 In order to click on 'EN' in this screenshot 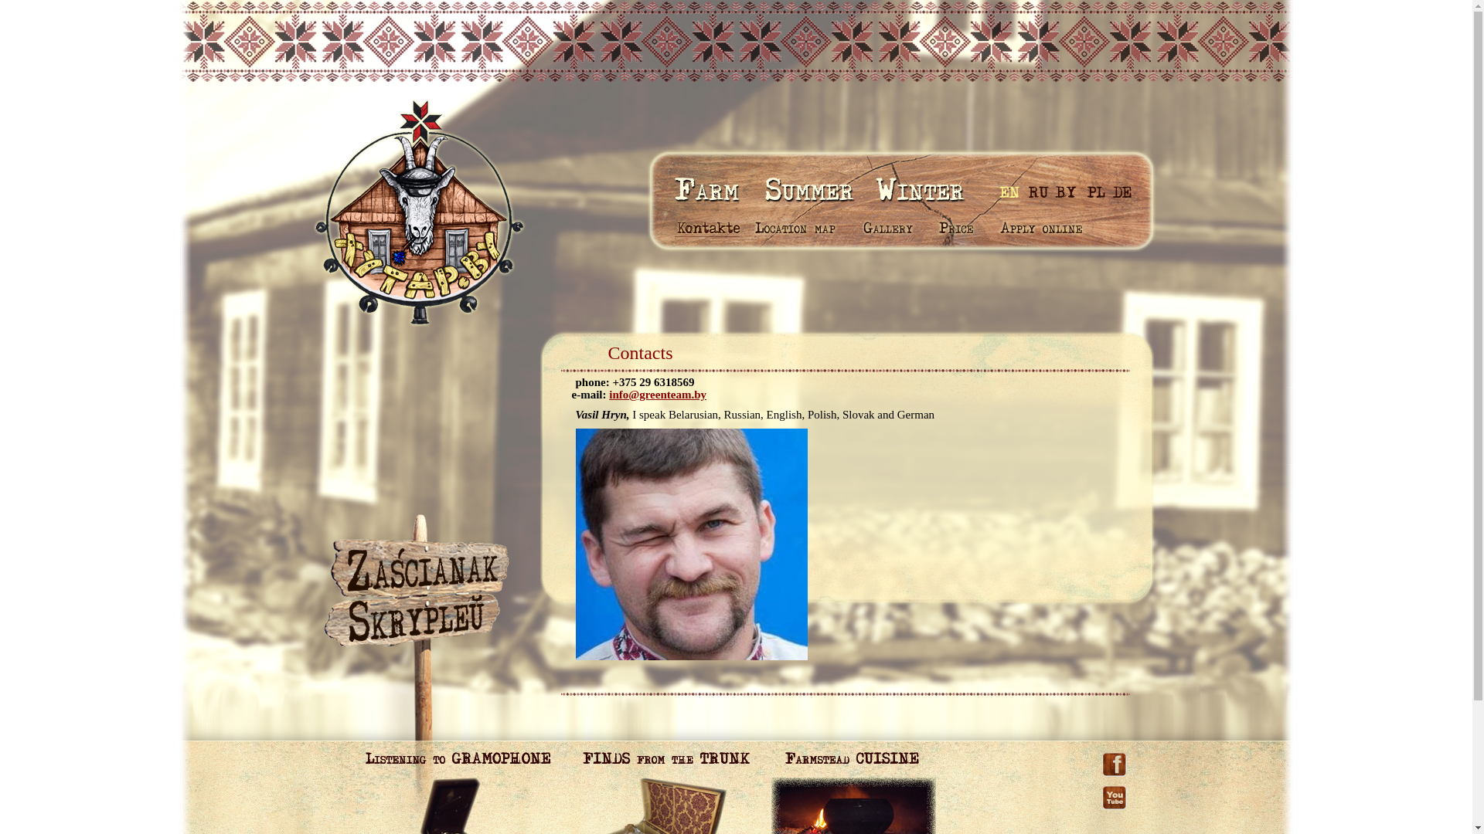, I will do `click(1011, 191)`.